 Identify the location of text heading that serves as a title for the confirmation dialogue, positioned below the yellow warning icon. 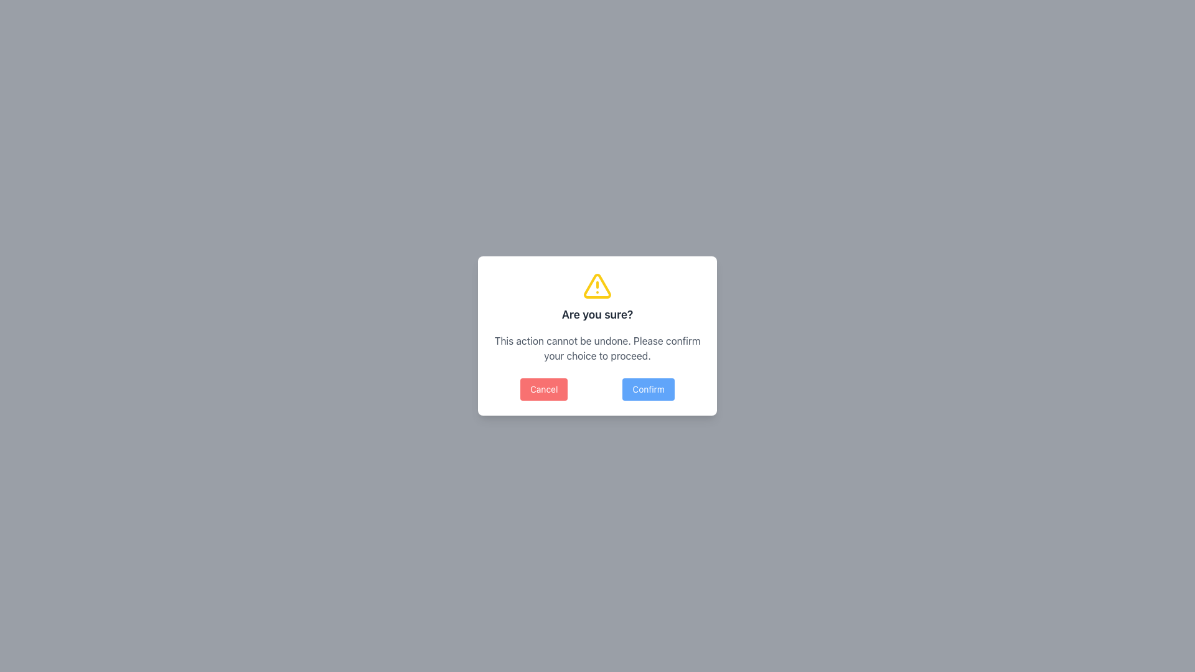
(597, 314).